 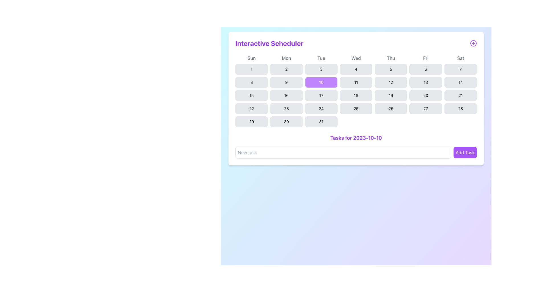 What do you see at coordinates (426, 58) in the screenshot?
I see `the static text label displaying 'Fri', which is the sixth label in a row representing the days of the week, positioned in the upper-right area of the calendar interface` at bounding box center [426, 58].